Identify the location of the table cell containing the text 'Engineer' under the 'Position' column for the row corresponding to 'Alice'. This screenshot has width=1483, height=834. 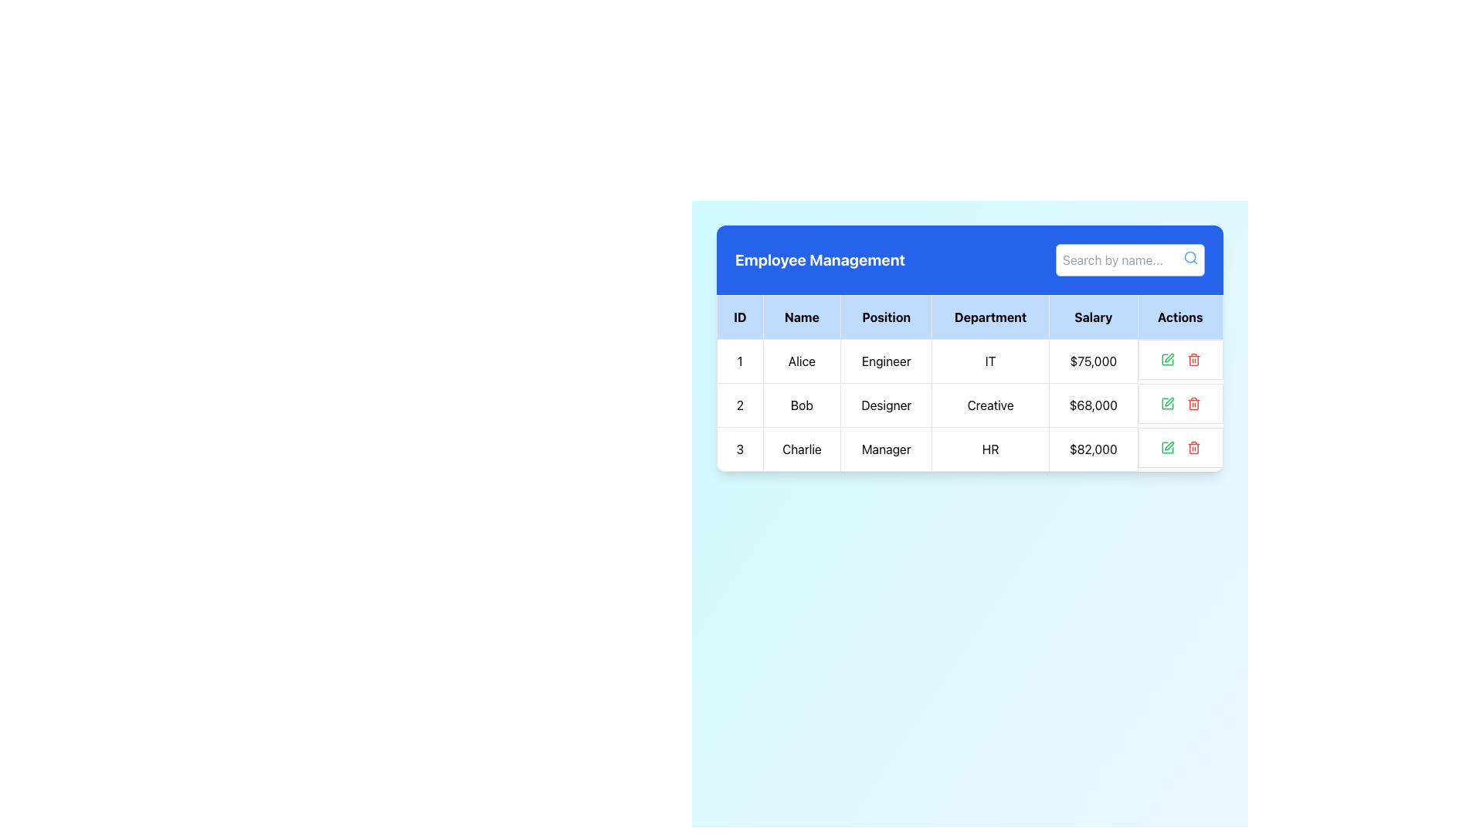
(886, 361).